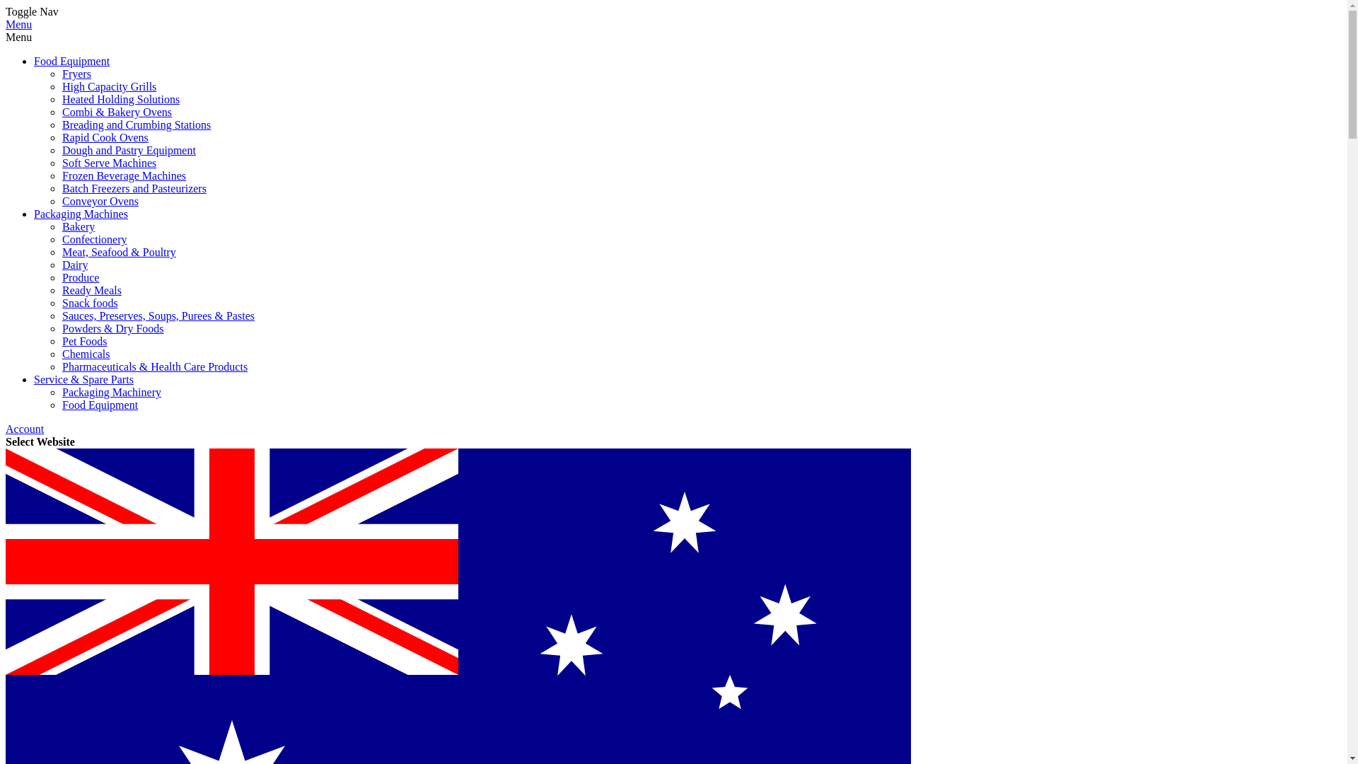  I want to click on 'Breading and Crumbing Stations', so click(136, 124).